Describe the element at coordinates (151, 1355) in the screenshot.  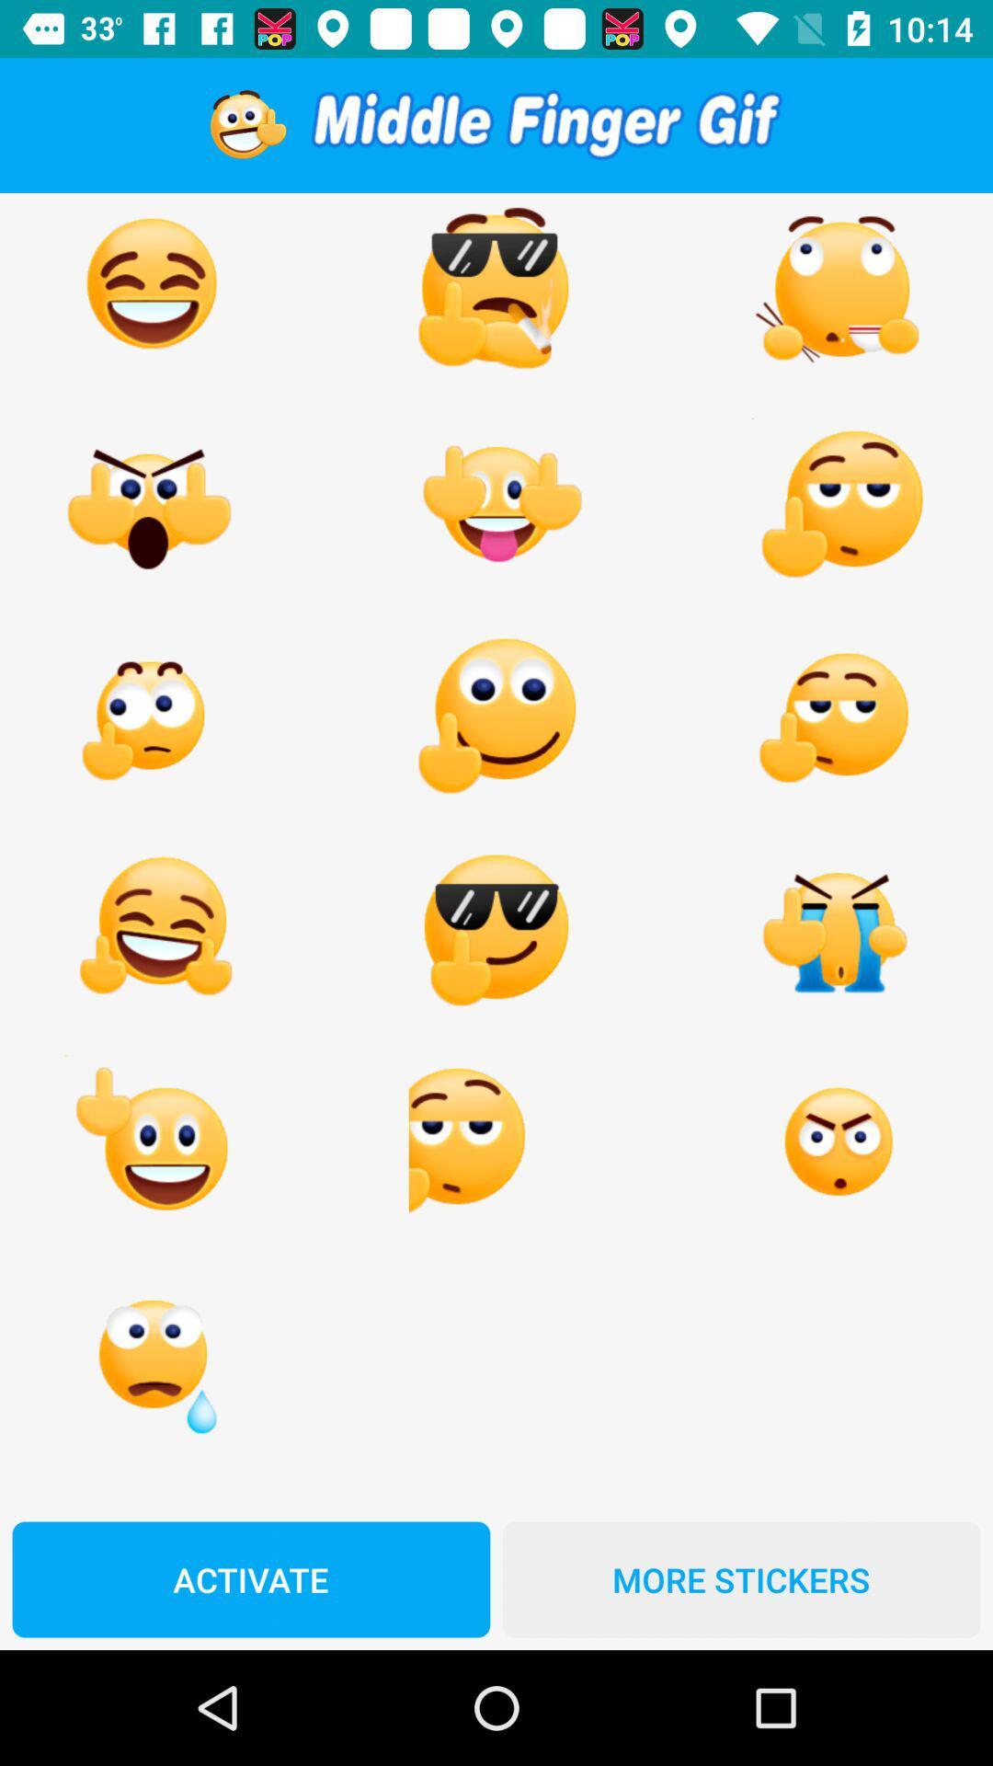
I see `emoji which is above the activate` at that location.